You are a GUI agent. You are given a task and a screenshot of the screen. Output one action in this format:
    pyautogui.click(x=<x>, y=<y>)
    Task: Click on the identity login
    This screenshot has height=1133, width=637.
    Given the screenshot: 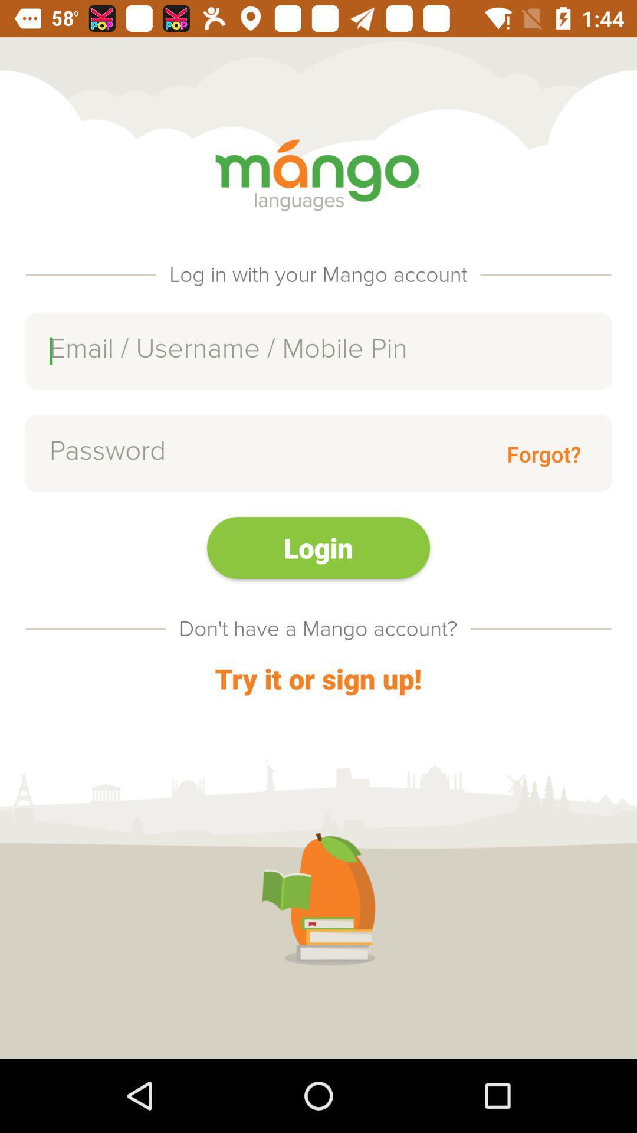 What is the action you would take?
    pyautogui.click(x=318, y=351)
    